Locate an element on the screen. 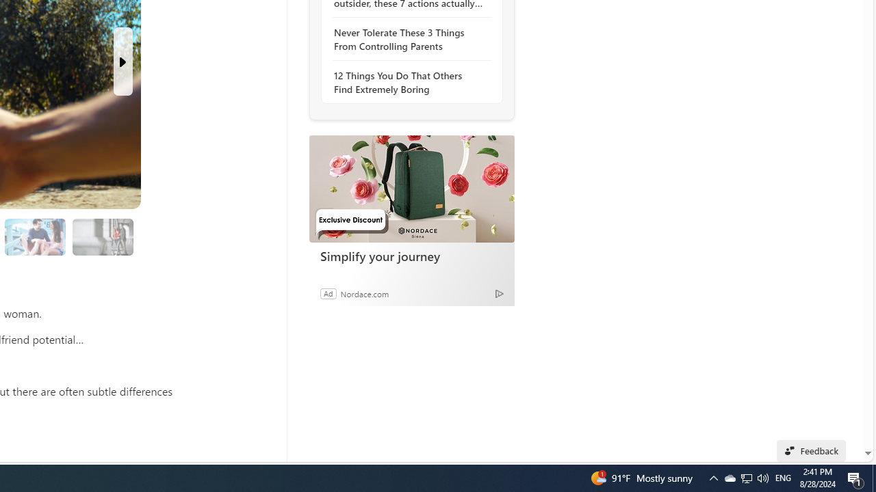 The height and width of the screenshot is (492, 876). 'Simplify your journey' is located at coordinates (411, 189).